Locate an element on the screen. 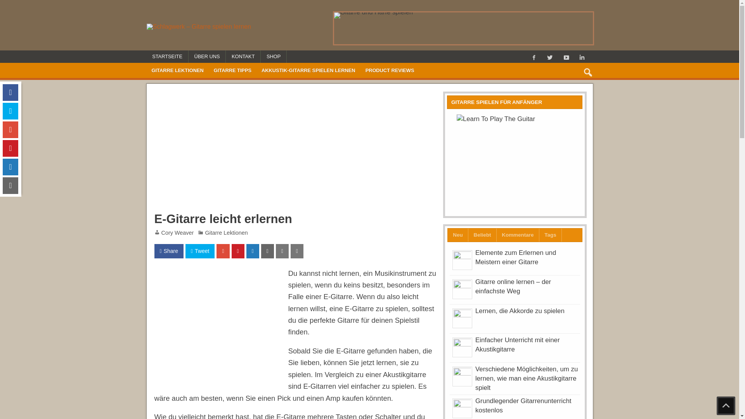 This screenshot has height=419, width=745. 'AKKUSTIK-GITARRE SPIELEN LERNEN' is located at coordinates (308, 70).